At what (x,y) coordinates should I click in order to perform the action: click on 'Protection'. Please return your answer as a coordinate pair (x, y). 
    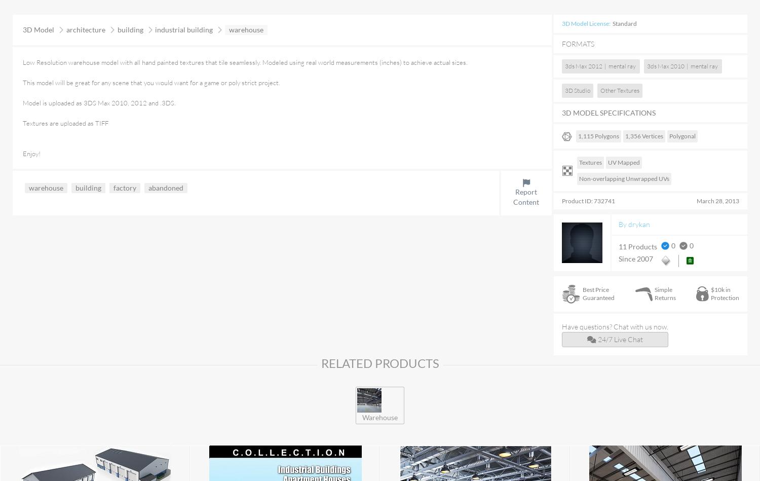
    Looking at the image, I should click on (725, 297).